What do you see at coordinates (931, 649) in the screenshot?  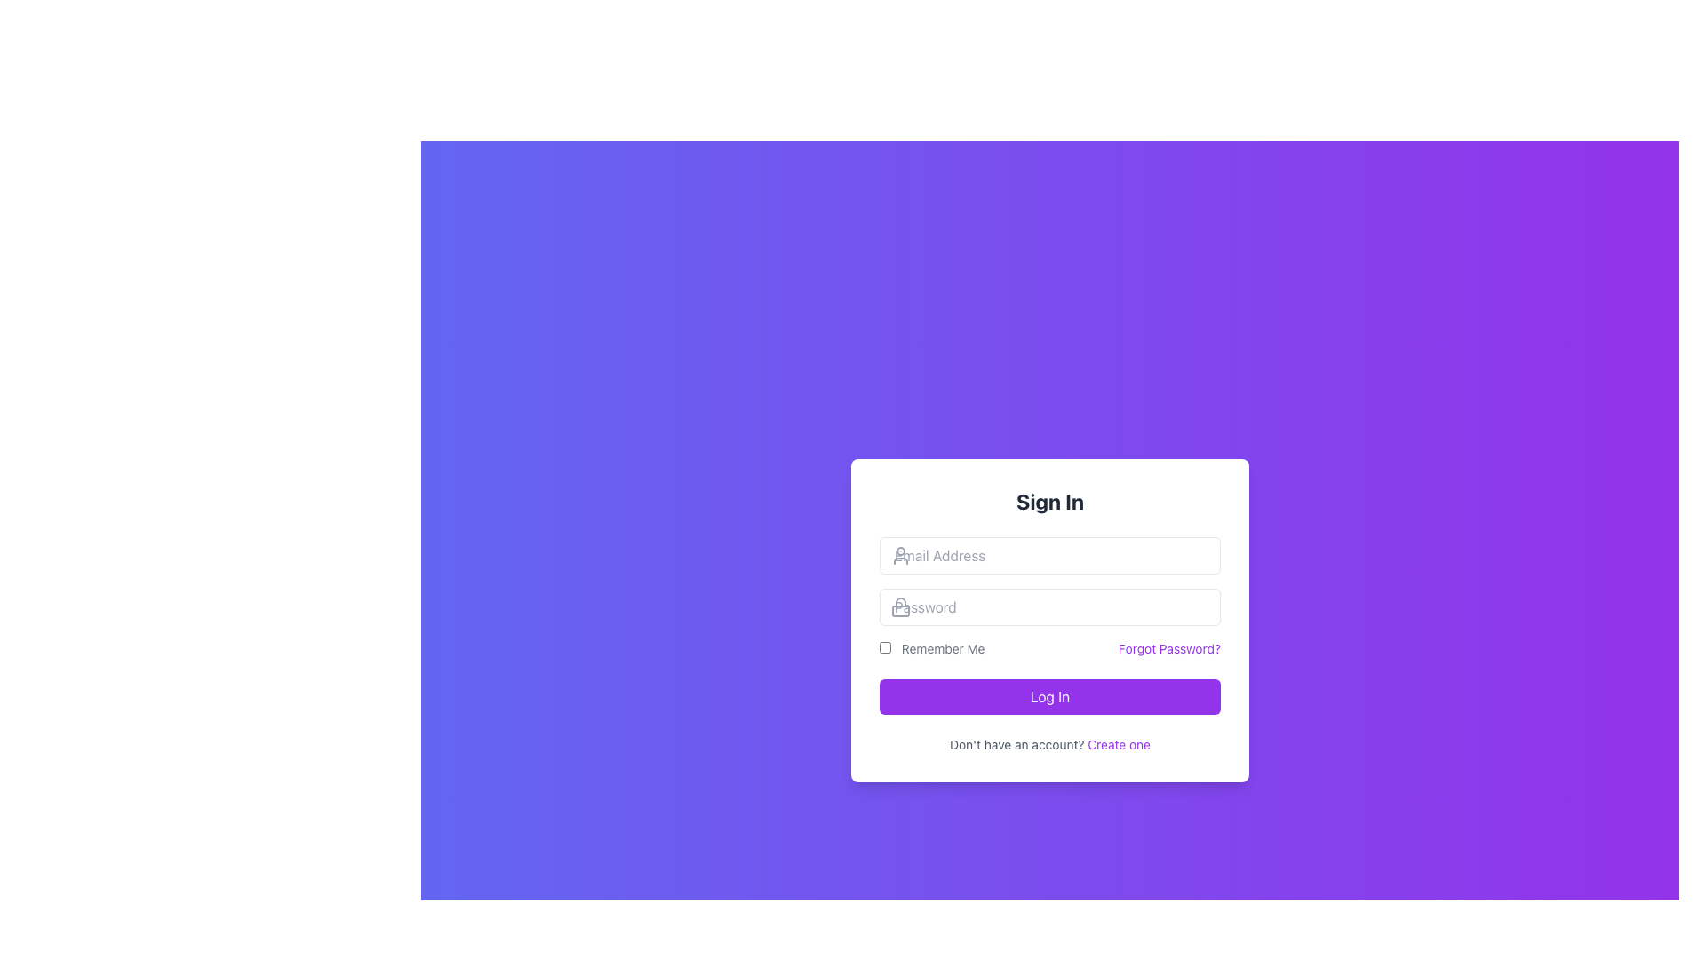 I see `the 'Remember Me' text label, which is a small gray font label positioned to the right of a checkbox in the login form interface` at bounding box center [931, 649].